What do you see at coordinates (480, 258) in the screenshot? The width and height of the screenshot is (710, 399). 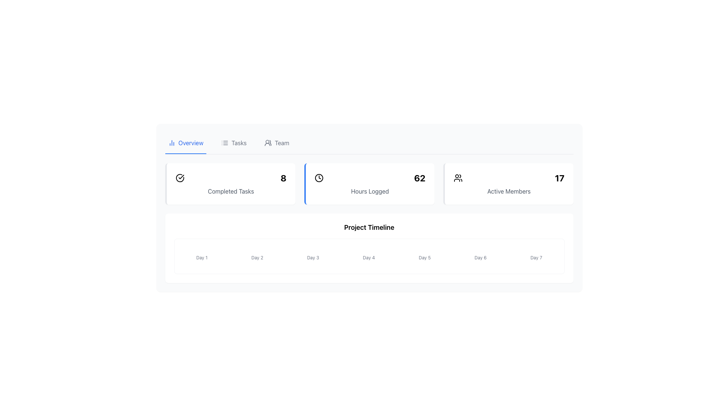 I see `the Text label for Day 6 in the Project Timeline section, which is positioned between 'Day 5' and 'Day 7' labels` at bounding box center [480, 258].